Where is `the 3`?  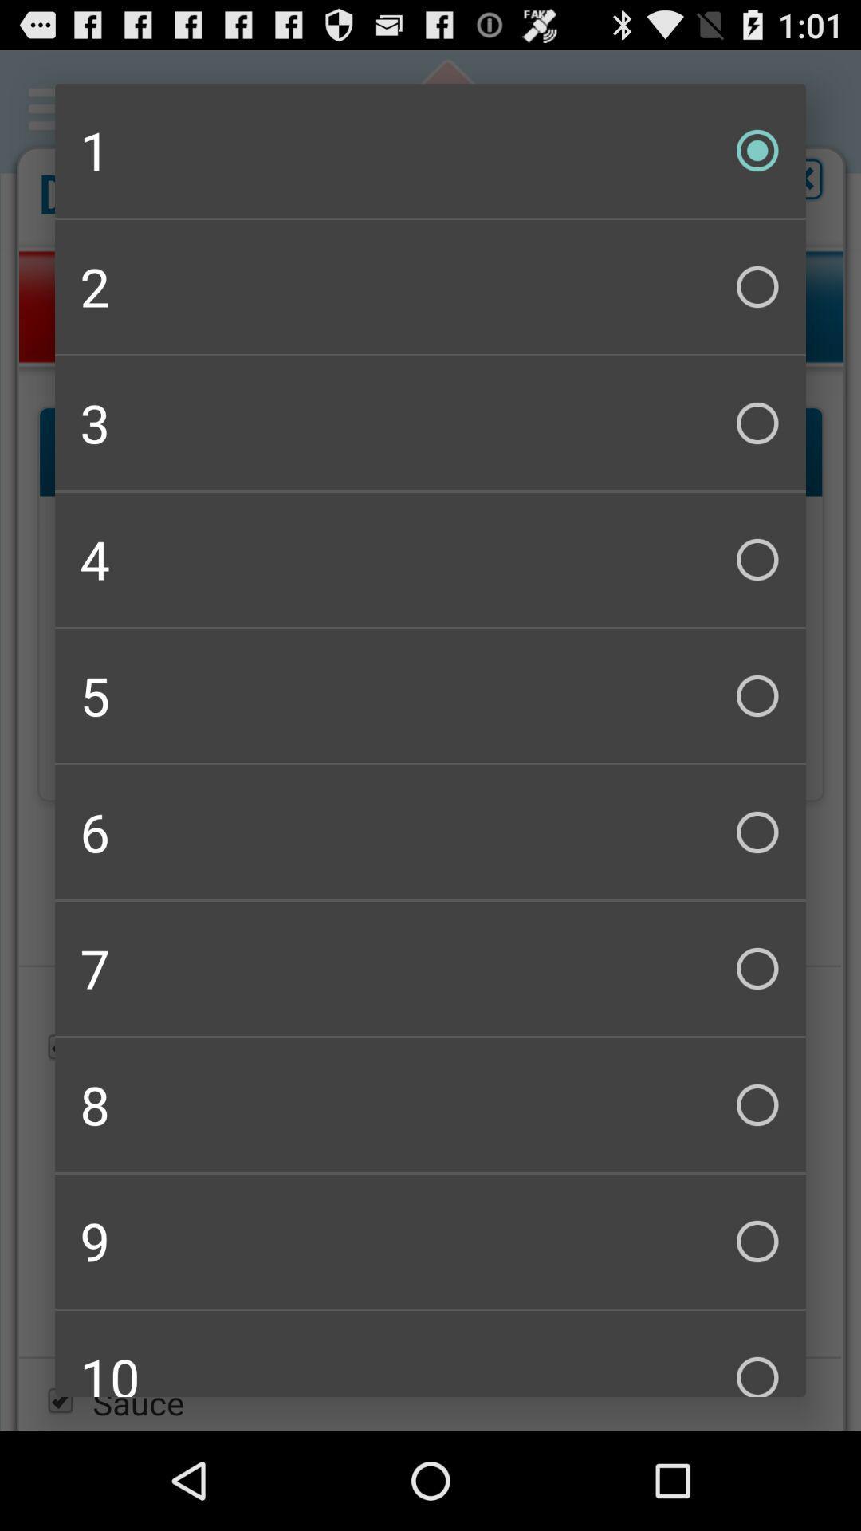 the 3 is located at coordinates (431, 423).